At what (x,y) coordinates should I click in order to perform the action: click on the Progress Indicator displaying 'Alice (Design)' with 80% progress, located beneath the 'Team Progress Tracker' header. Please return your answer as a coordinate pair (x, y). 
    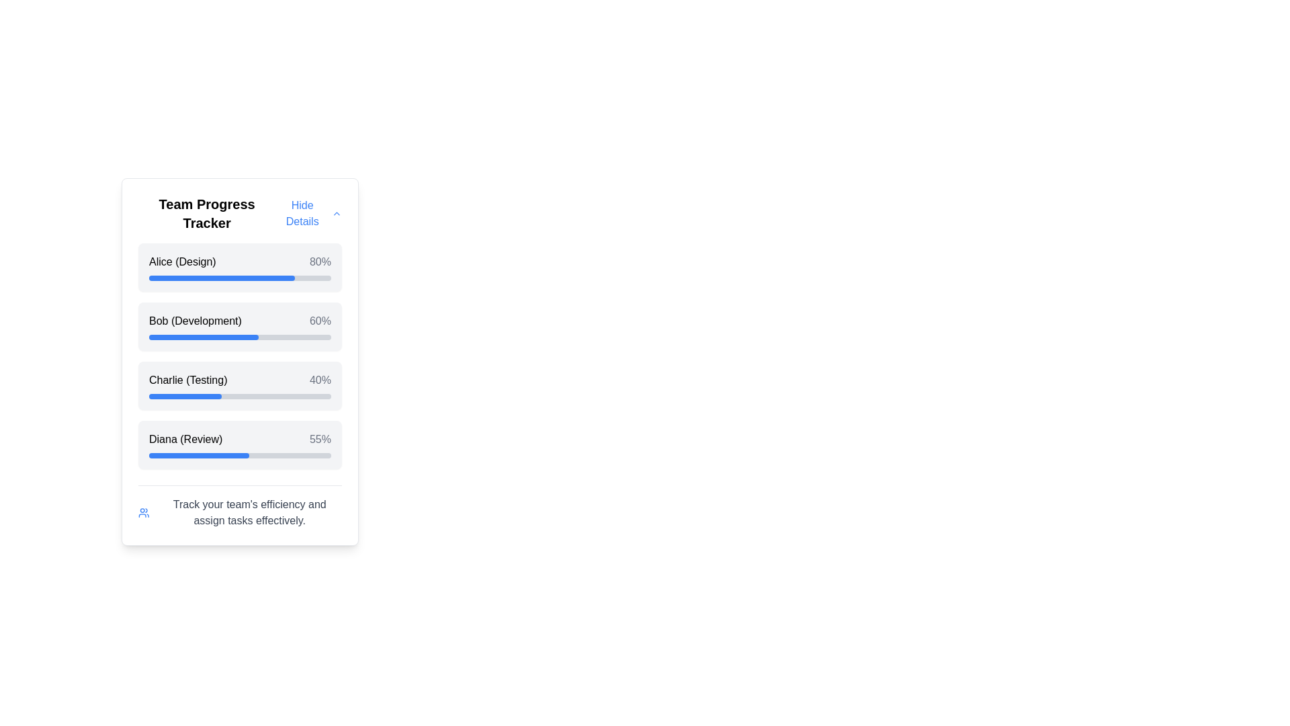
    Looking at the image, I should click on (240, 267).